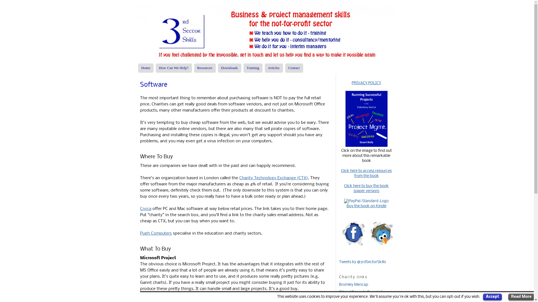 This screenshot has height=302, width=538. What do you see at coordinates (353, 285) in the screenshot?
I see `'Bromley Mencap'` at bounding box center [353, 285].